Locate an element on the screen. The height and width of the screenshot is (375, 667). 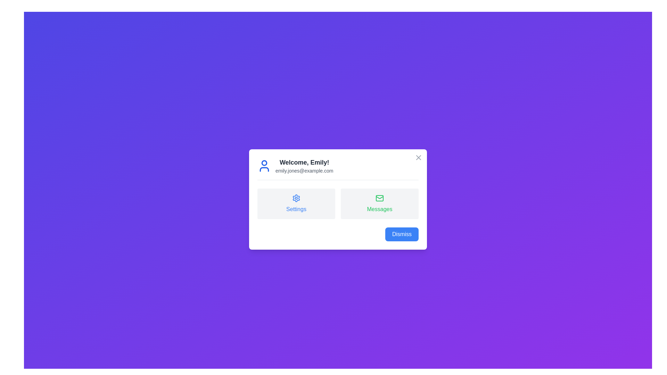
the Close icon (diagonal cross) inside the SVG element located at the top-right corner of the card interface is located at coordinates (418, 157).